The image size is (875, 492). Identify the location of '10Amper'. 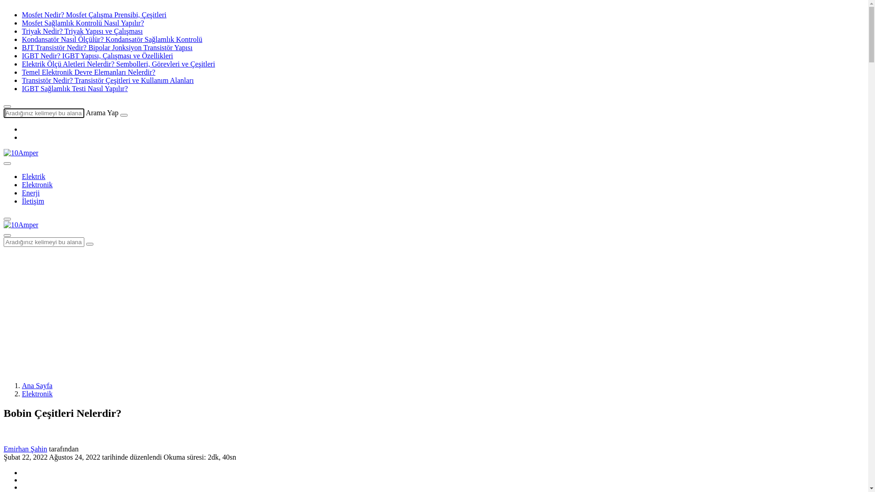
(4, 225).